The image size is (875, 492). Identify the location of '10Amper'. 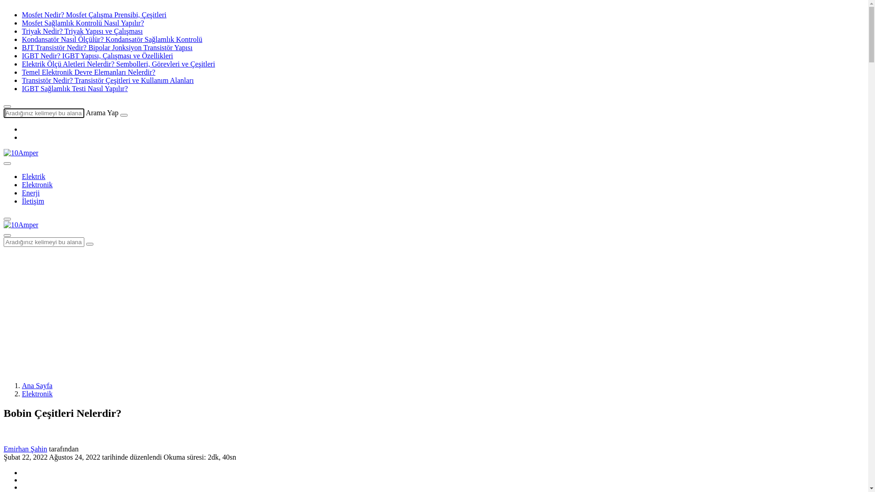
(4, 225).